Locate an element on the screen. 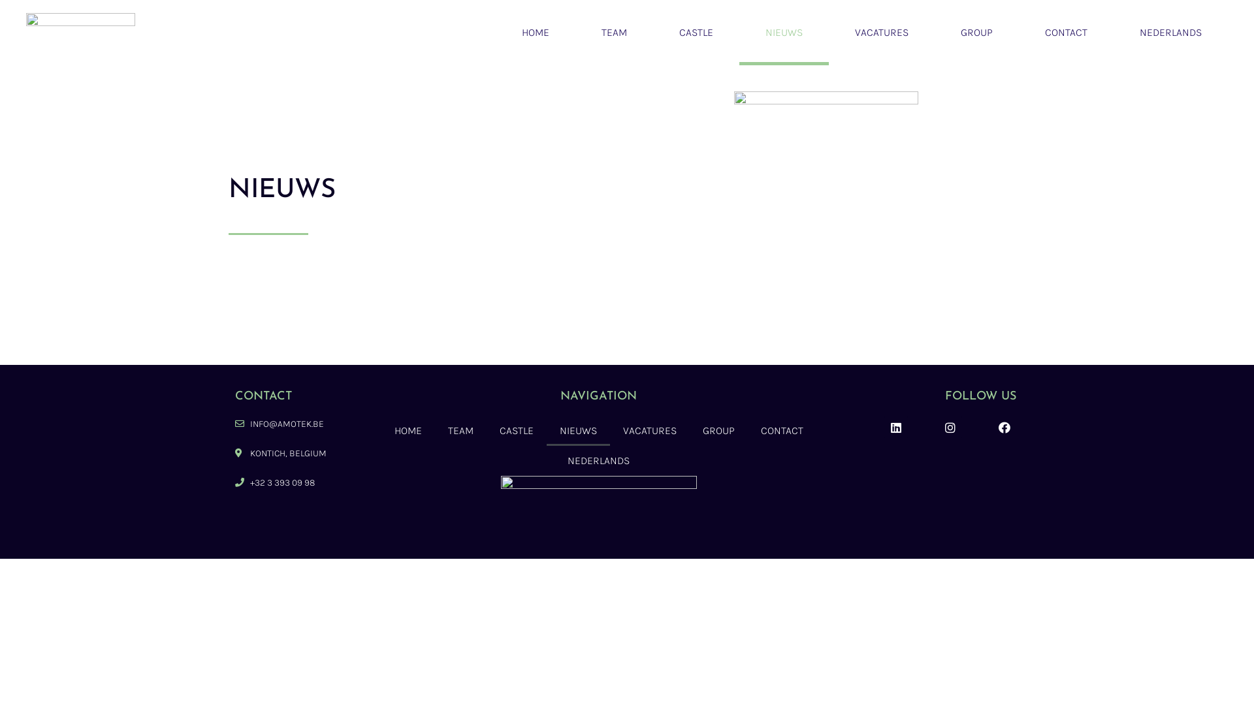 This screenshot has height=705, width=1254. '+32 3 393 09 98' is located at coordinates (296, 482).